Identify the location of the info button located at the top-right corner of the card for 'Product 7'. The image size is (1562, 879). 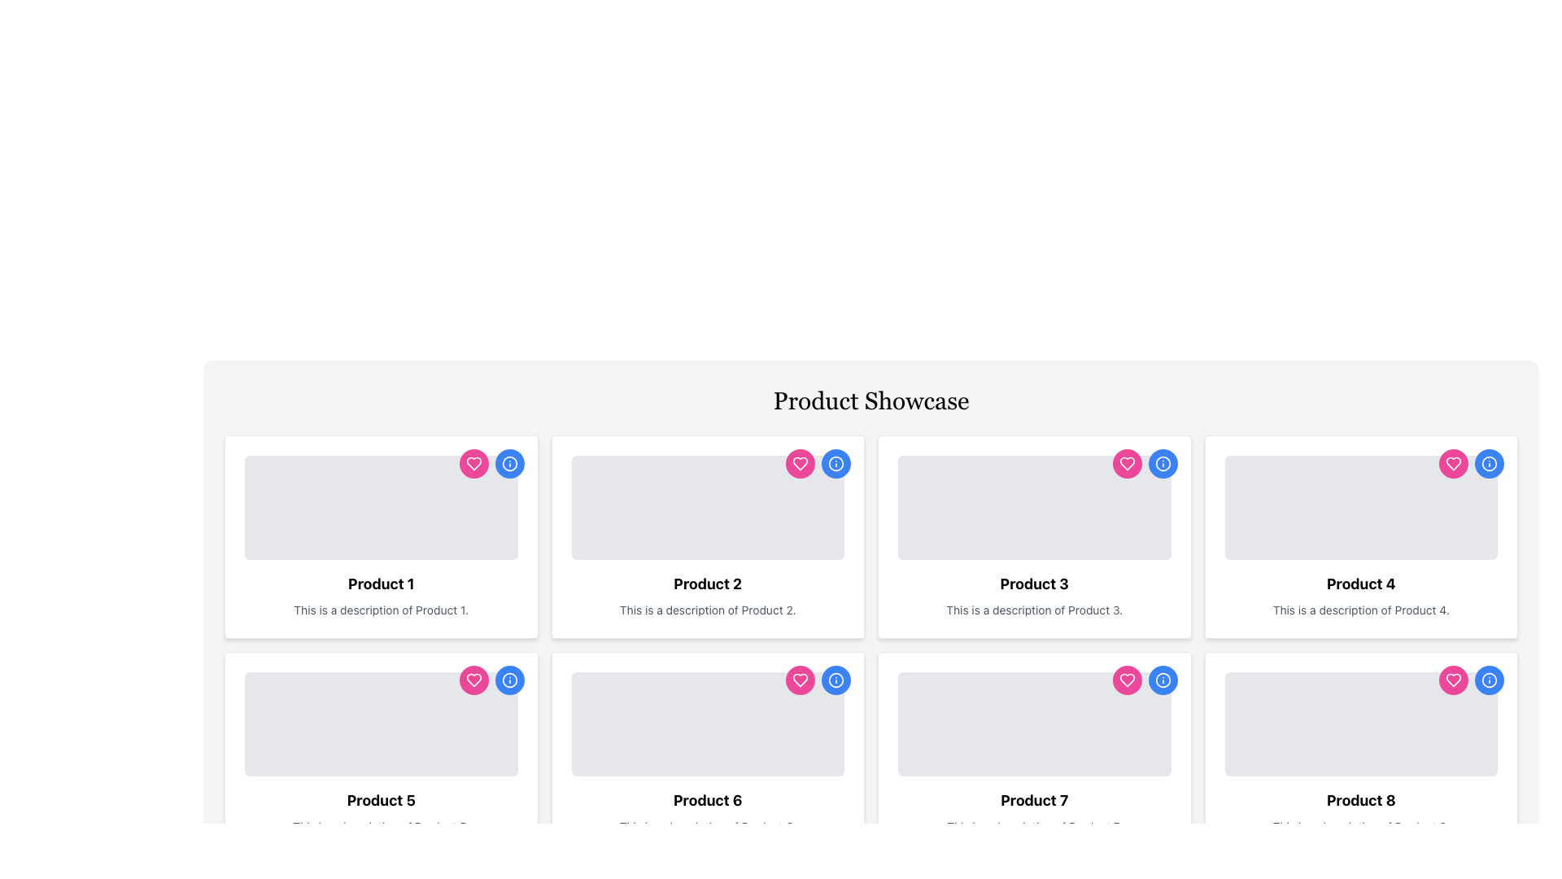
(836, 680).